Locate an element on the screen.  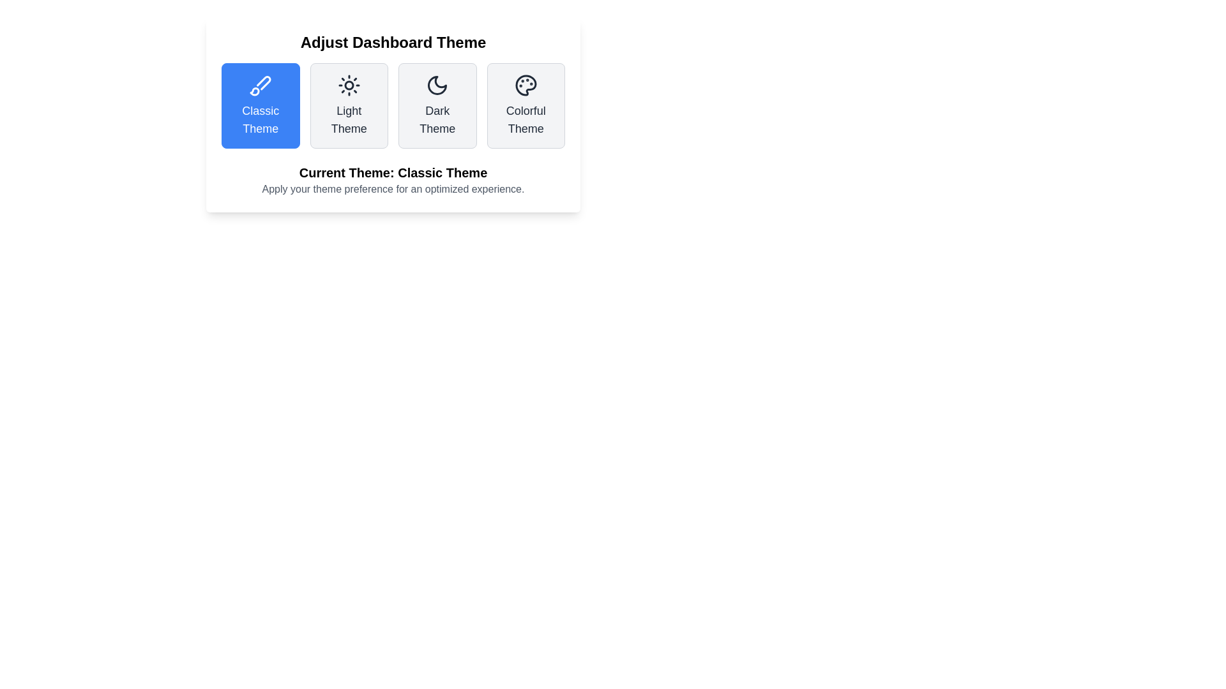
the button with a sun icon and 'Light Theme' label is located at coordinates (349, 105).